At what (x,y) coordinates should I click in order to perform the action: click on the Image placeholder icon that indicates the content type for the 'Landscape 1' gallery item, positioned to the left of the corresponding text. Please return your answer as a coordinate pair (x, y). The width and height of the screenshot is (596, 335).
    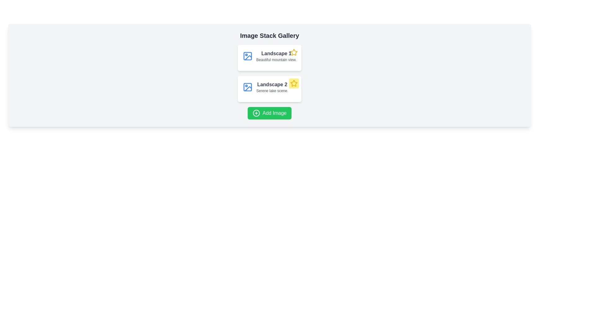
    Looking at the image, I should click on (247, 56).